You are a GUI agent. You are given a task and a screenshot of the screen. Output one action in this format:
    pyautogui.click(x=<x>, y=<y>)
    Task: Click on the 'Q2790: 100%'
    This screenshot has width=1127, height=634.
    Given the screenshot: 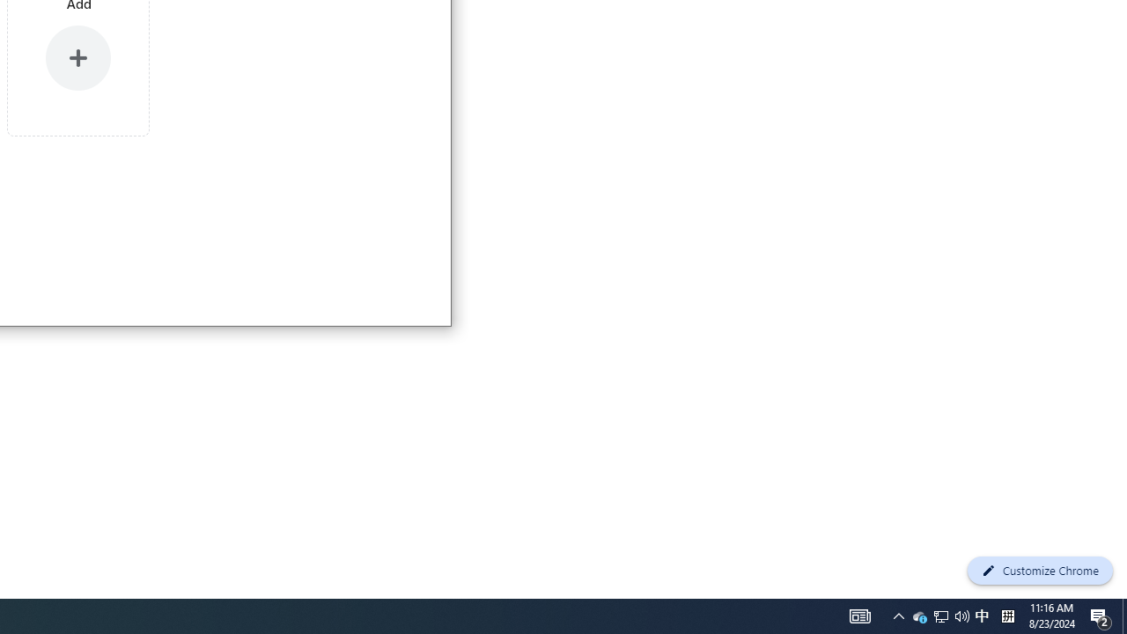 What is the action you would take?
    pyautogui.click(x=981, y=615)
    